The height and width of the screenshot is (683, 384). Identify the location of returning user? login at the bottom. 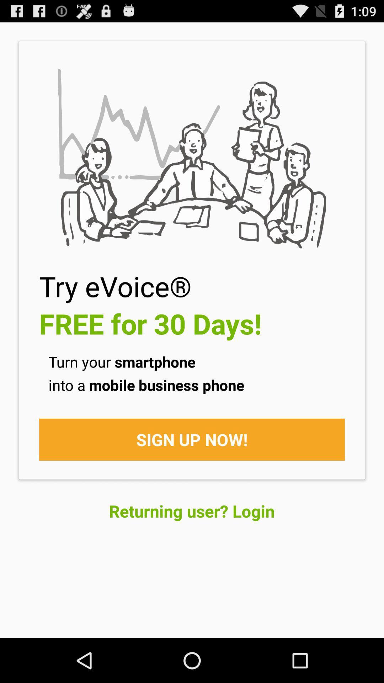
(191, 510).